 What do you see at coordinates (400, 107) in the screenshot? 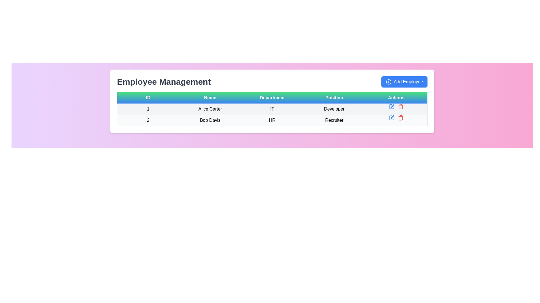
I see `the red trash icon in the Actions column of the first row` at bounding box center [400, 107].